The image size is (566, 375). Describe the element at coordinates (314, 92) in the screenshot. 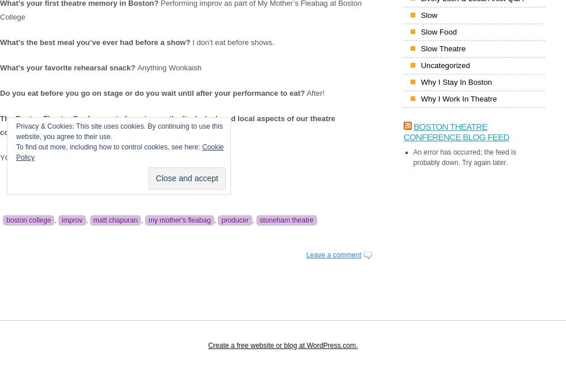

I see `'After!'` at that location.